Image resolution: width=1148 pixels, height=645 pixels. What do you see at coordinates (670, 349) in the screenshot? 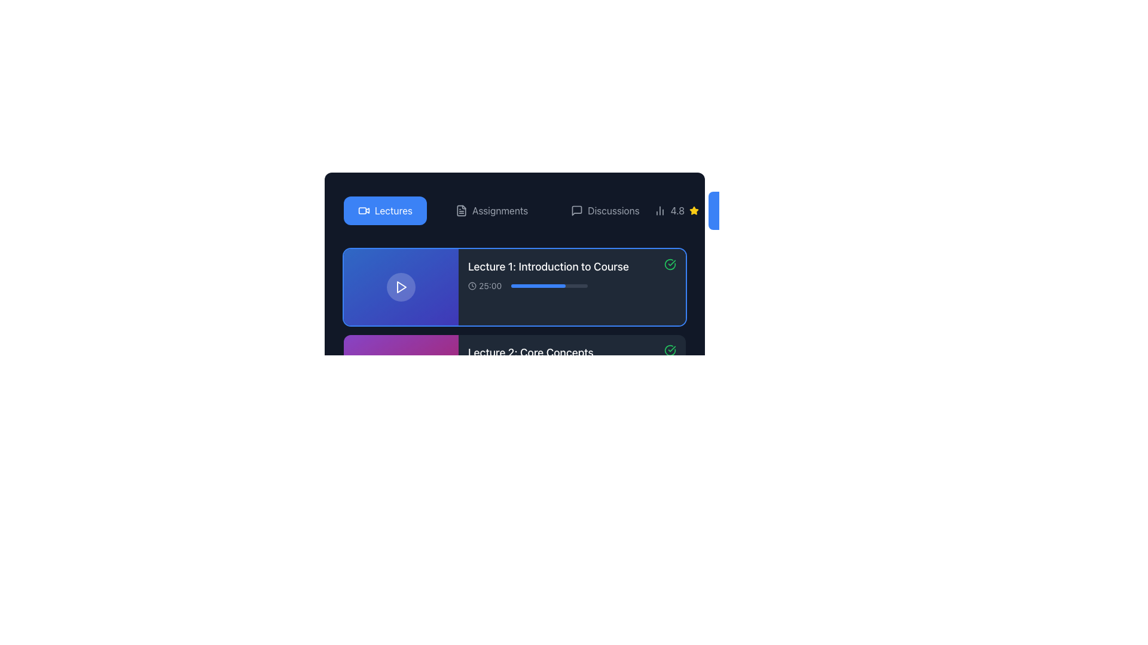
I see `the green circular icon with a checkmark indicating completion, located at the far-right of the row labeled 'Lecture 2: Core Concepts'` at bounding box center [670, 349].